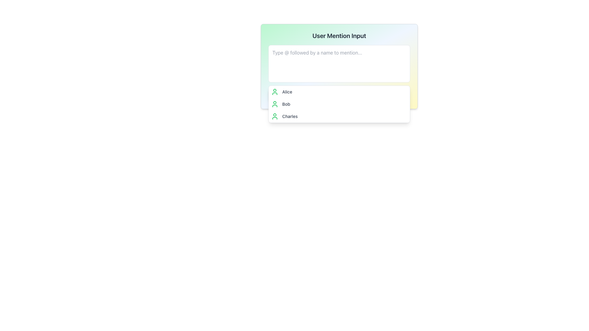  Describe the element at coordinates (339, 92) in the screenshot. I see `the selectable list item labeled 'Alice' at the top of the dropdown menu` at that location.